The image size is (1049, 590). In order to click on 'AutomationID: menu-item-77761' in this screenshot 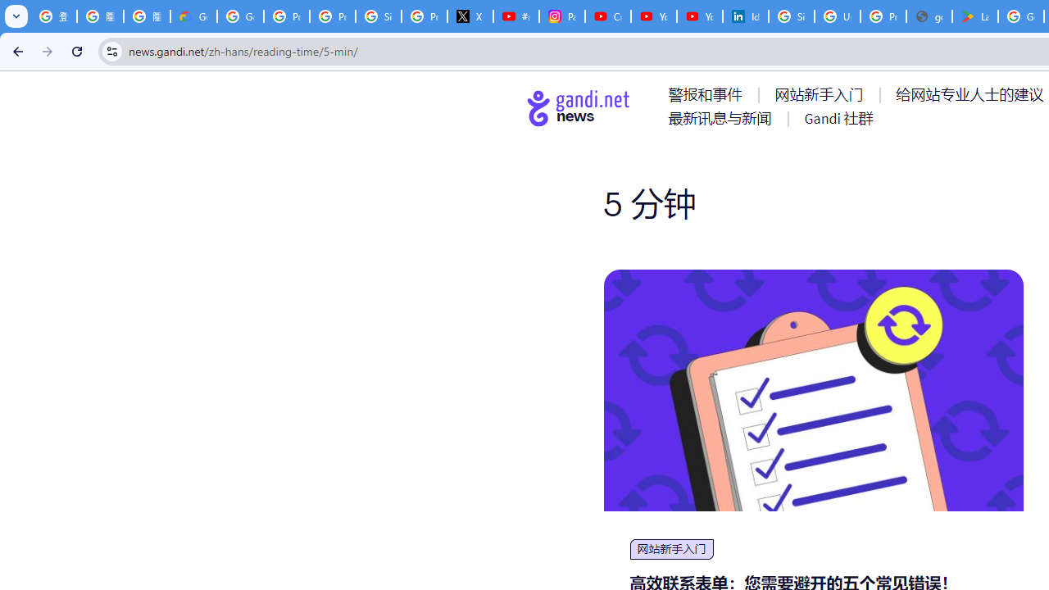, I will do `click(708, 94)`.